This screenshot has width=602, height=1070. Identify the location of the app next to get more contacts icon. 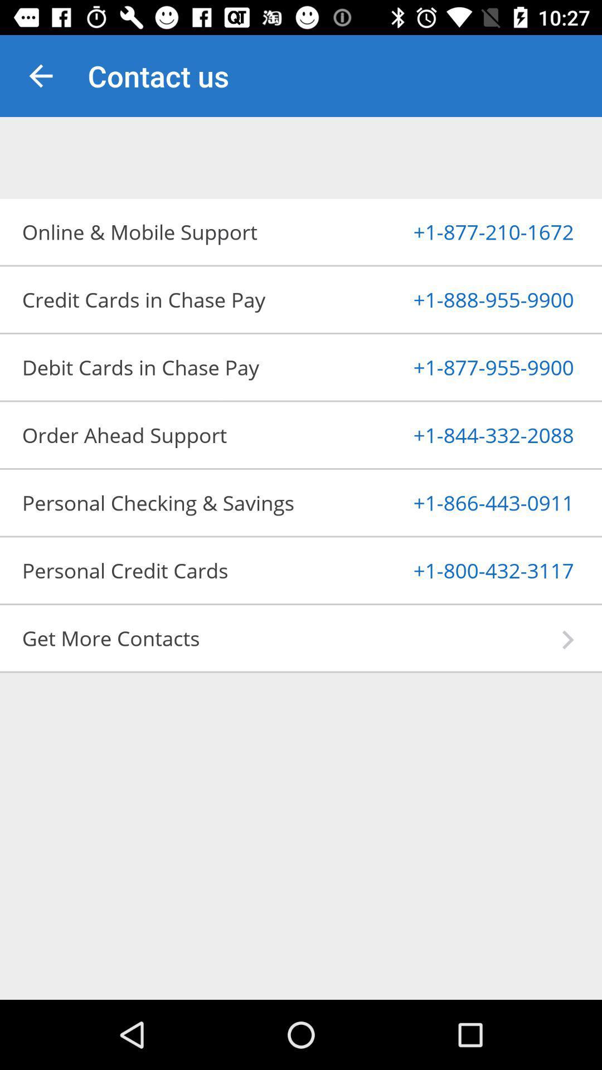
(568, 640).